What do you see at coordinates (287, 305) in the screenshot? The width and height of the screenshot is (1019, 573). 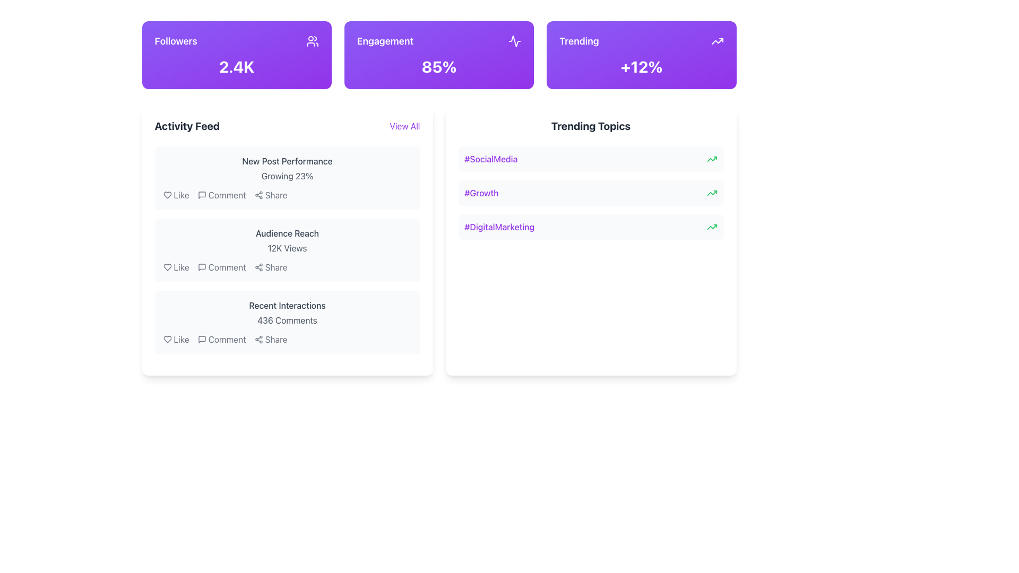 I see `the text label located in the lower part of the highlighted section of the activity feed, positioned above '436 Comments' and below 'Audience Reach'` at bounding box center [287, 305].